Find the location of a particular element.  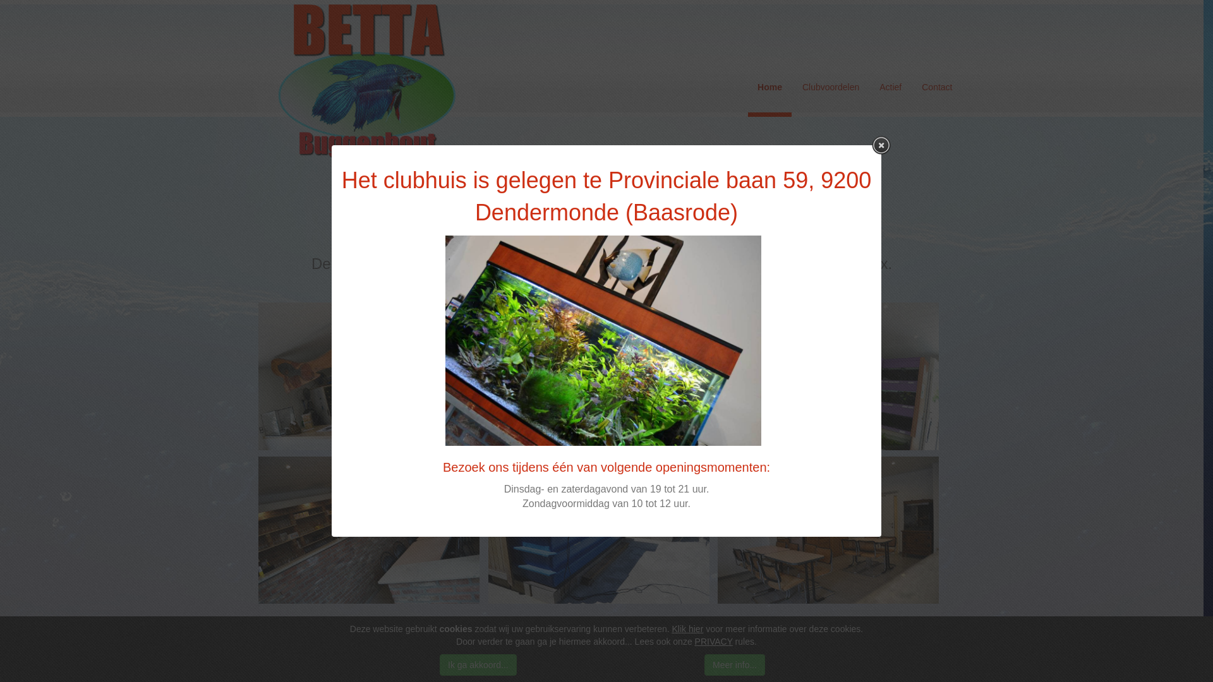

'Contact' is located at coordinates (912, 87).